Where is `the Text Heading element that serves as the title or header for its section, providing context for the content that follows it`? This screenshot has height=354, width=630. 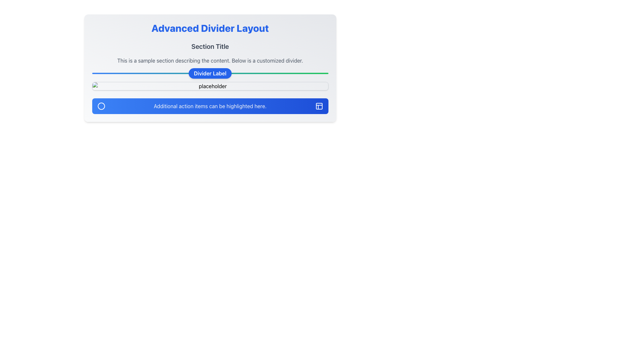
the Text Heading element that serves as the title or header for its section, providing context for the content that follows it is located at coordinates (210, 46).